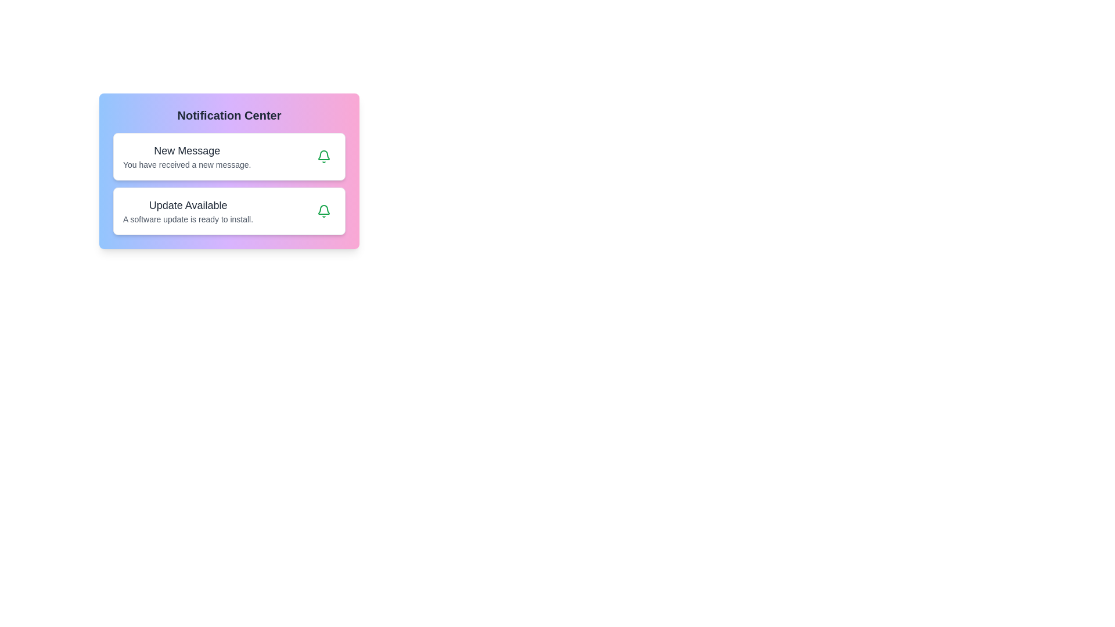  What do you see at coordinates (323, 211) in the screenshot?
I see `the interactive button for accessing or managing notifications related to the 'Update Available' message` at bounding box center [323, 211].